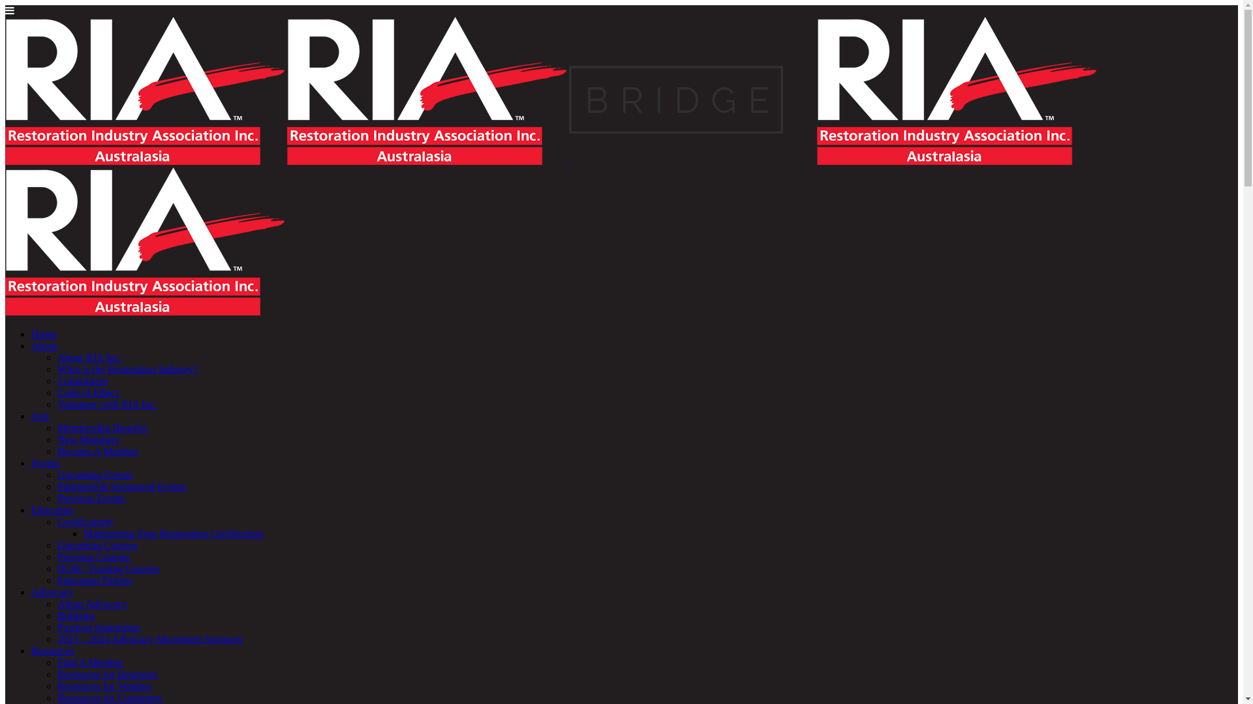 Image resolution: width=1253 pixels, height=704 pixels. I want to click on 'Events', so click(31, 462).